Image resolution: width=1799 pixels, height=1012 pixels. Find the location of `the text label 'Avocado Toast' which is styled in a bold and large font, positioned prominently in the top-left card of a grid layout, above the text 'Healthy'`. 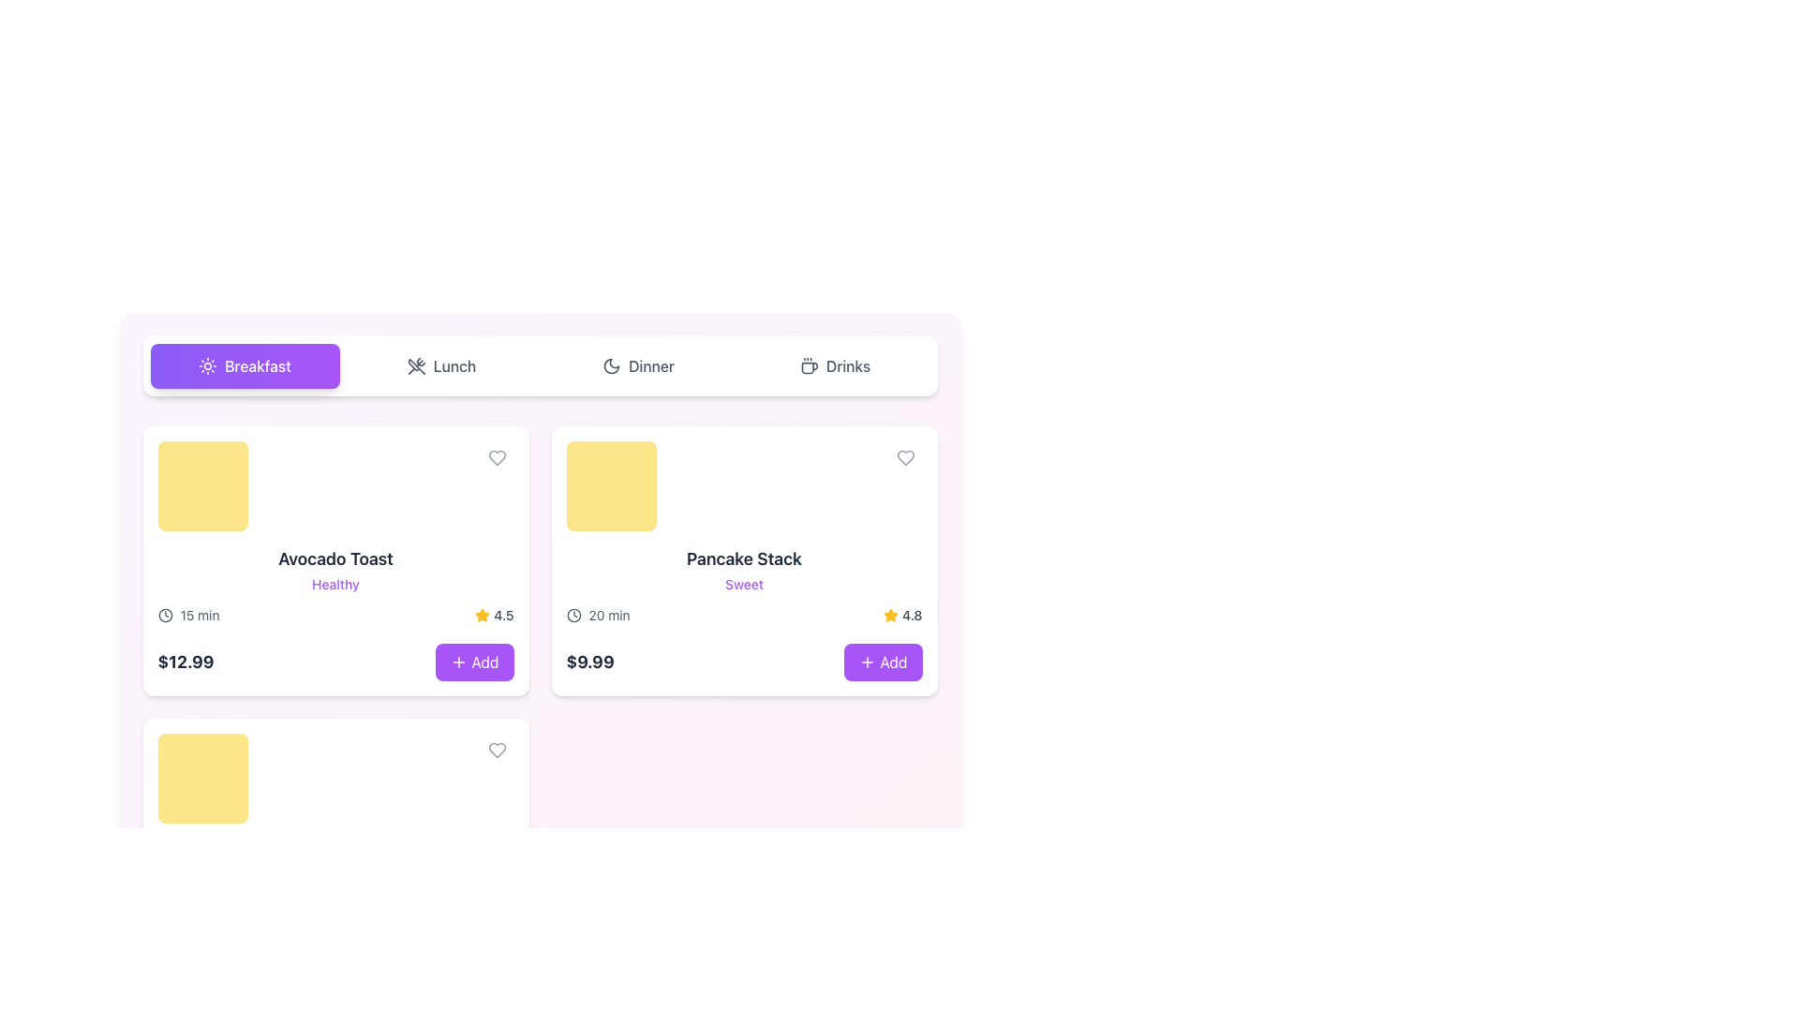

the text label 'Avocado Toast' which is styled in a bold and large font, positioned prominently in the top-left card of a grid layout, above the text 'Healthy' is located at coordinates (335, 558).